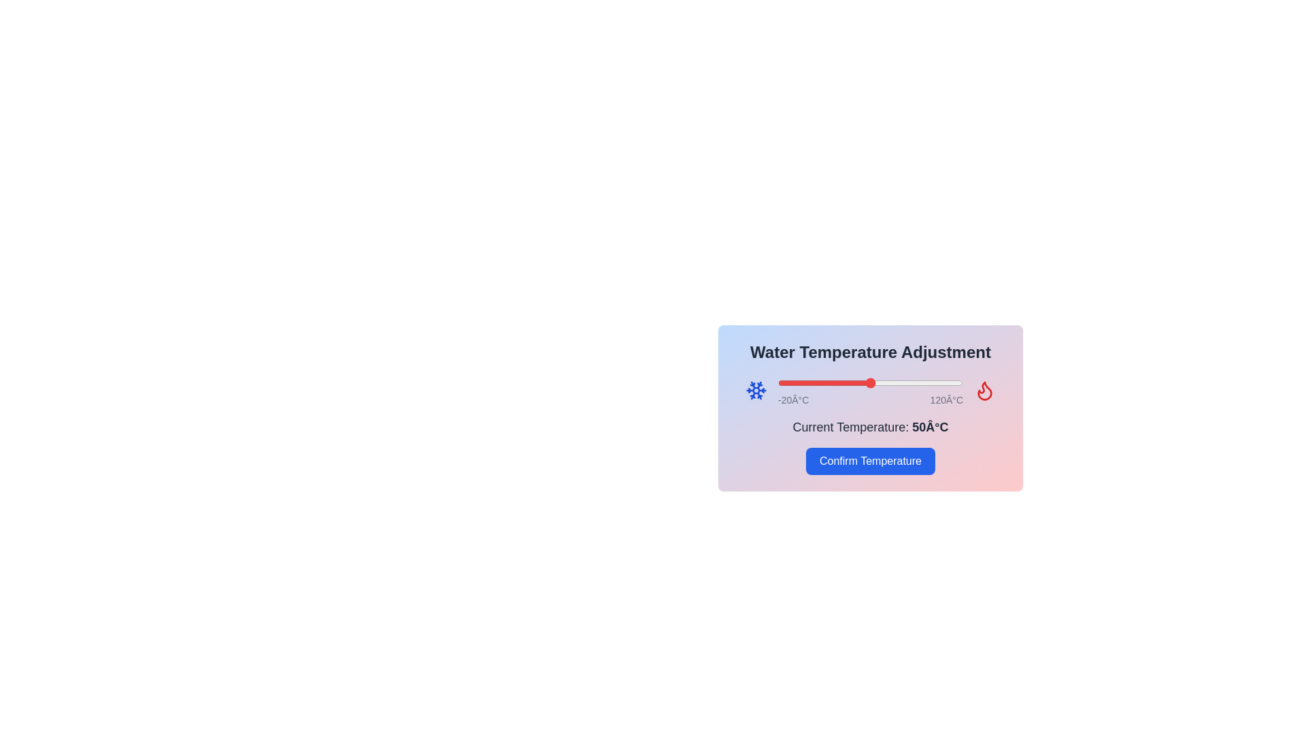  Describe the element at coordinates (920, 383) in the screenshot. I see `the temperature slider to 88°C` at that location.